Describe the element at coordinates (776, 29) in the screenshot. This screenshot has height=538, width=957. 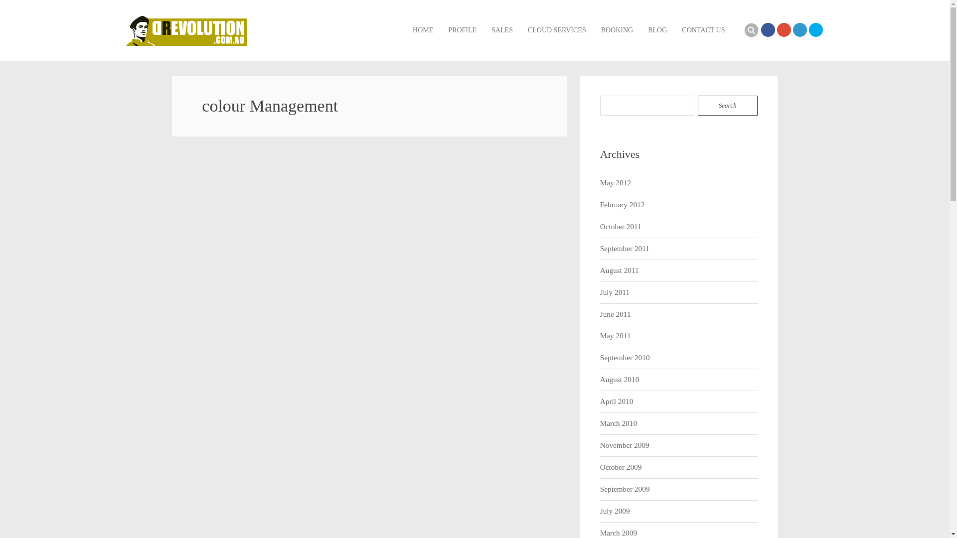
I see `'Google+'` at that location.